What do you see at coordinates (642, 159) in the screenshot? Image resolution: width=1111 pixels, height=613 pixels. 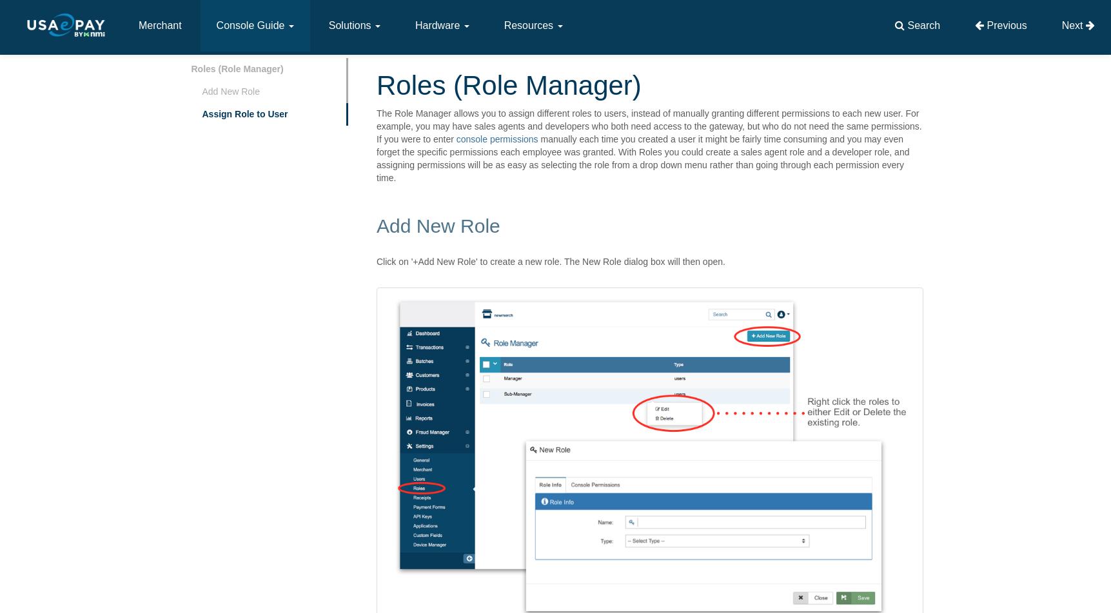 I see `'manually each time you created a user it might be fairly time consuming and you may even forget the specific permissions each employee was granted. With Roles you could create a sales agent role and a developer role, and assigning permissions will be as easy as selecting the role from a drop down menu rather than going through each permission every time.'` at bounding box center [642, 159].